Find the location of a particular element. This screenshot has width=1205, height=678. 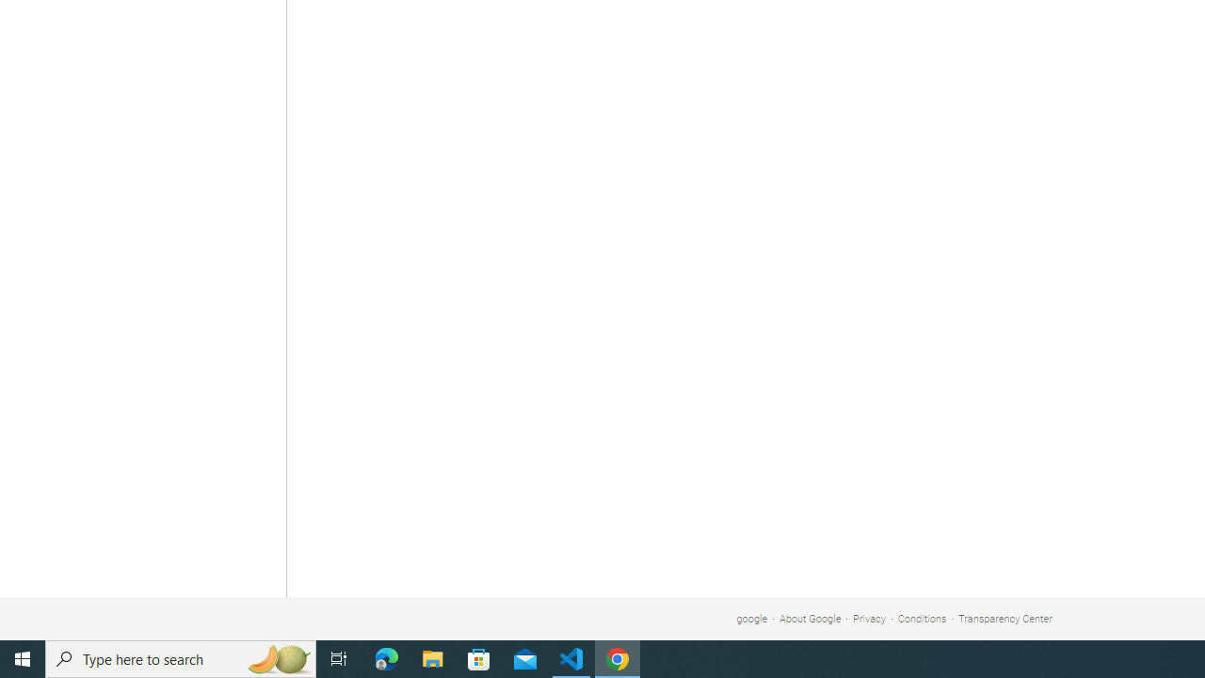

'Visual Studio Code - 1 running window' is located at coordinates (570, 657).